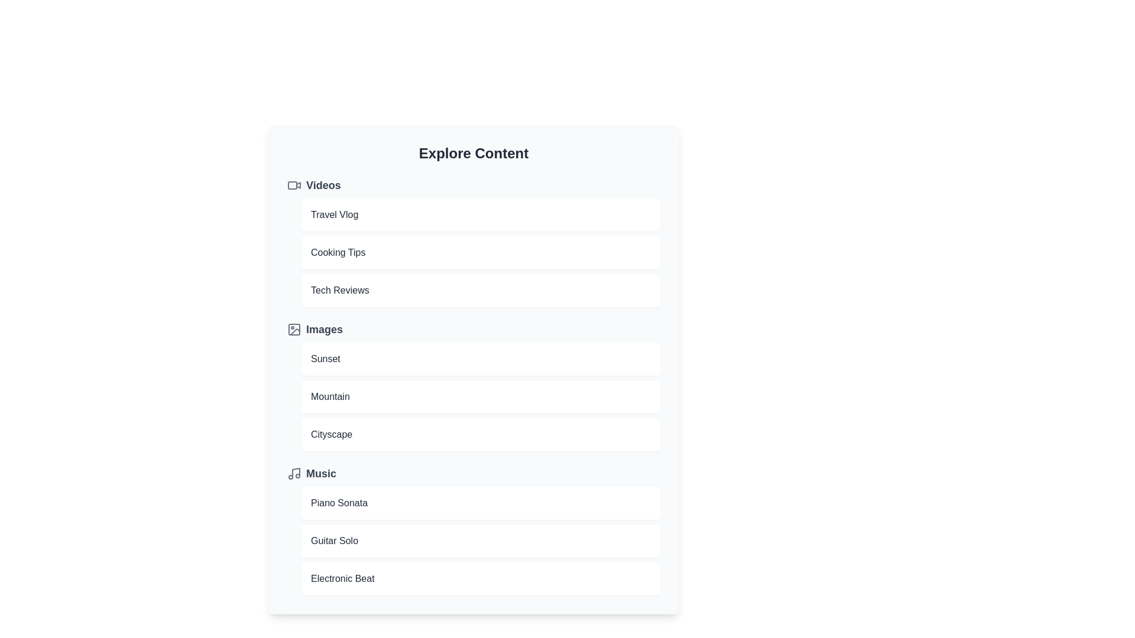 The image size is (1135, 638). I want to click on the item Guitar Solo to preview it, so click(481, 541).